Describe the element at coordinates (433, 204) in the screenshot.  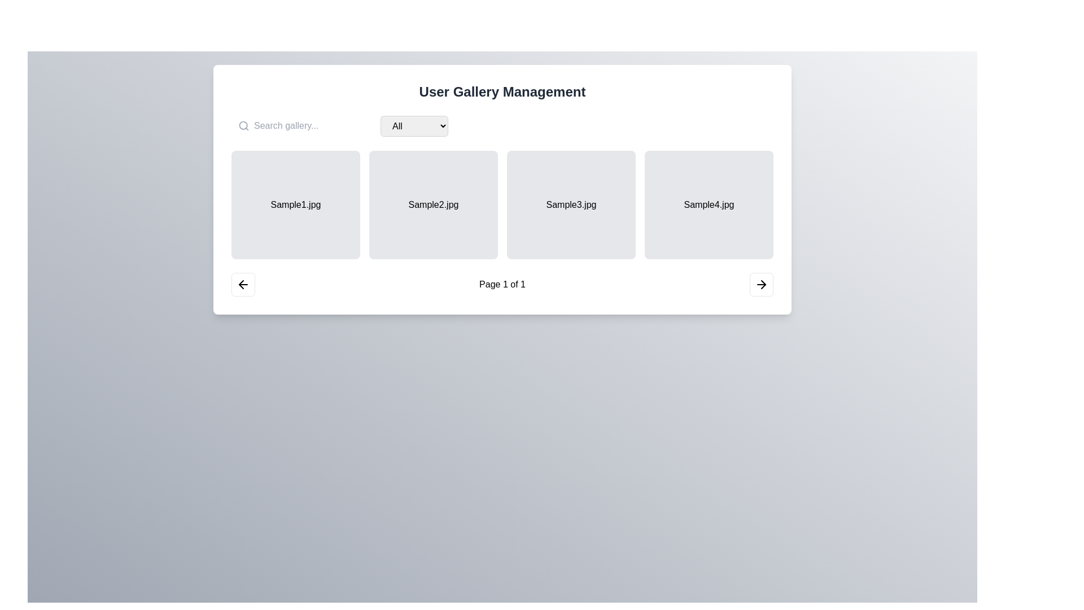
I see `the static label or banner representing the grid item's intended function, which displays 'Sample2.jpg', located in the second column of a four-item grid layout` at that location.